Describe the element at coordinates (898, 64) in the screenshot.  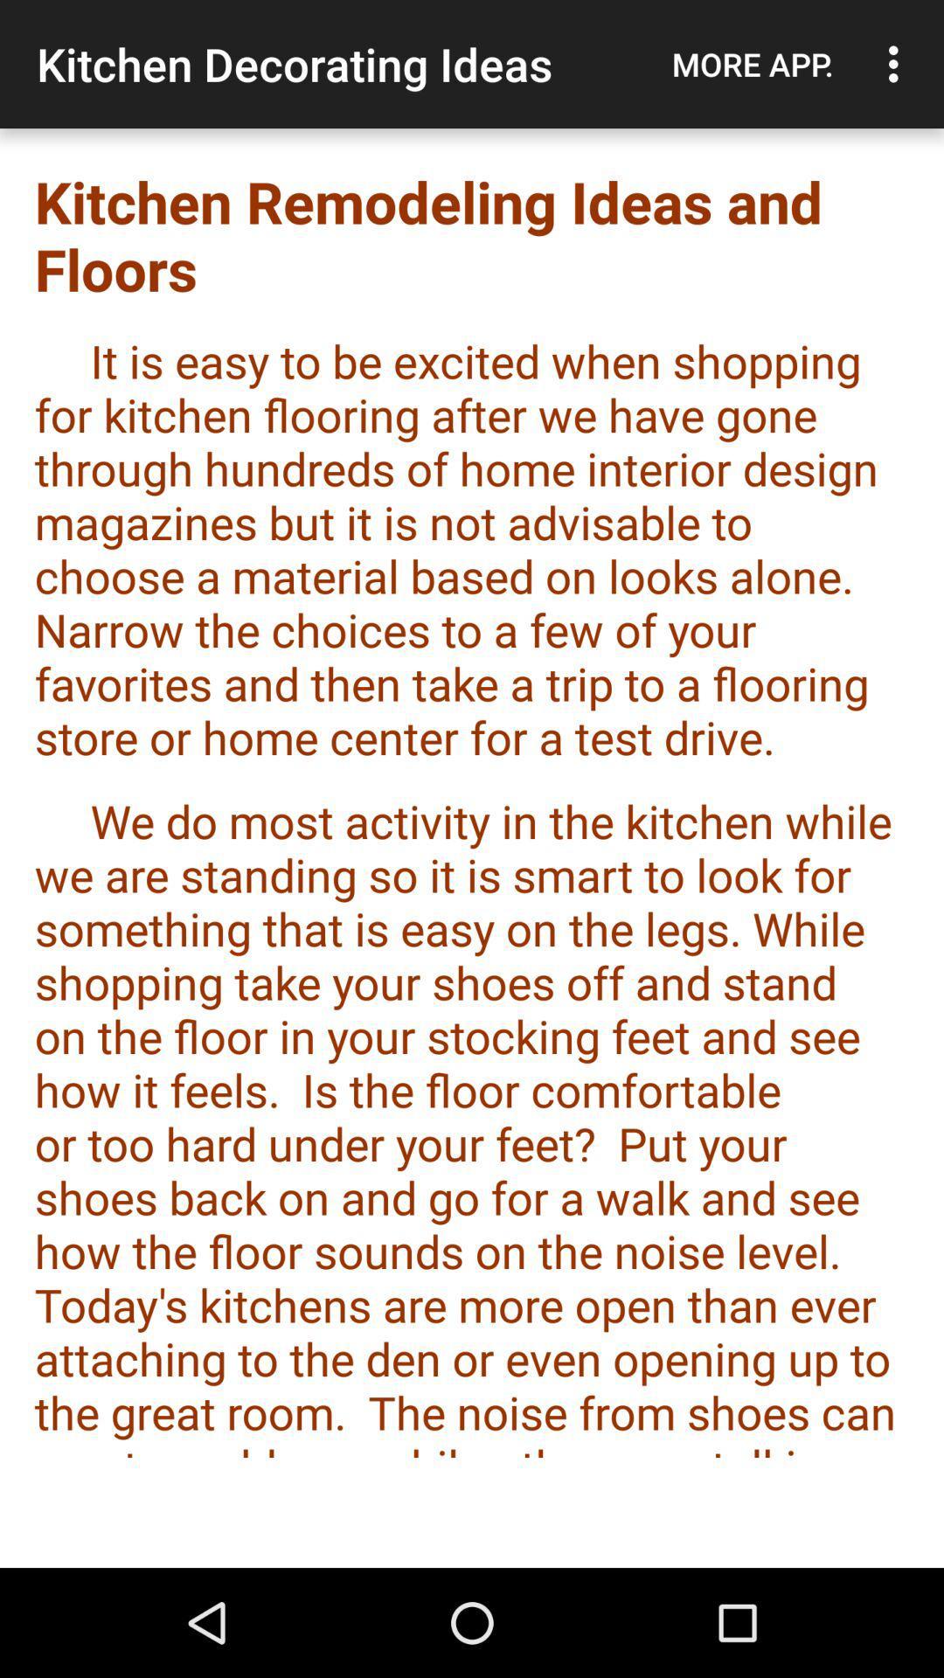
I see `item next to more app. icon` at that location.